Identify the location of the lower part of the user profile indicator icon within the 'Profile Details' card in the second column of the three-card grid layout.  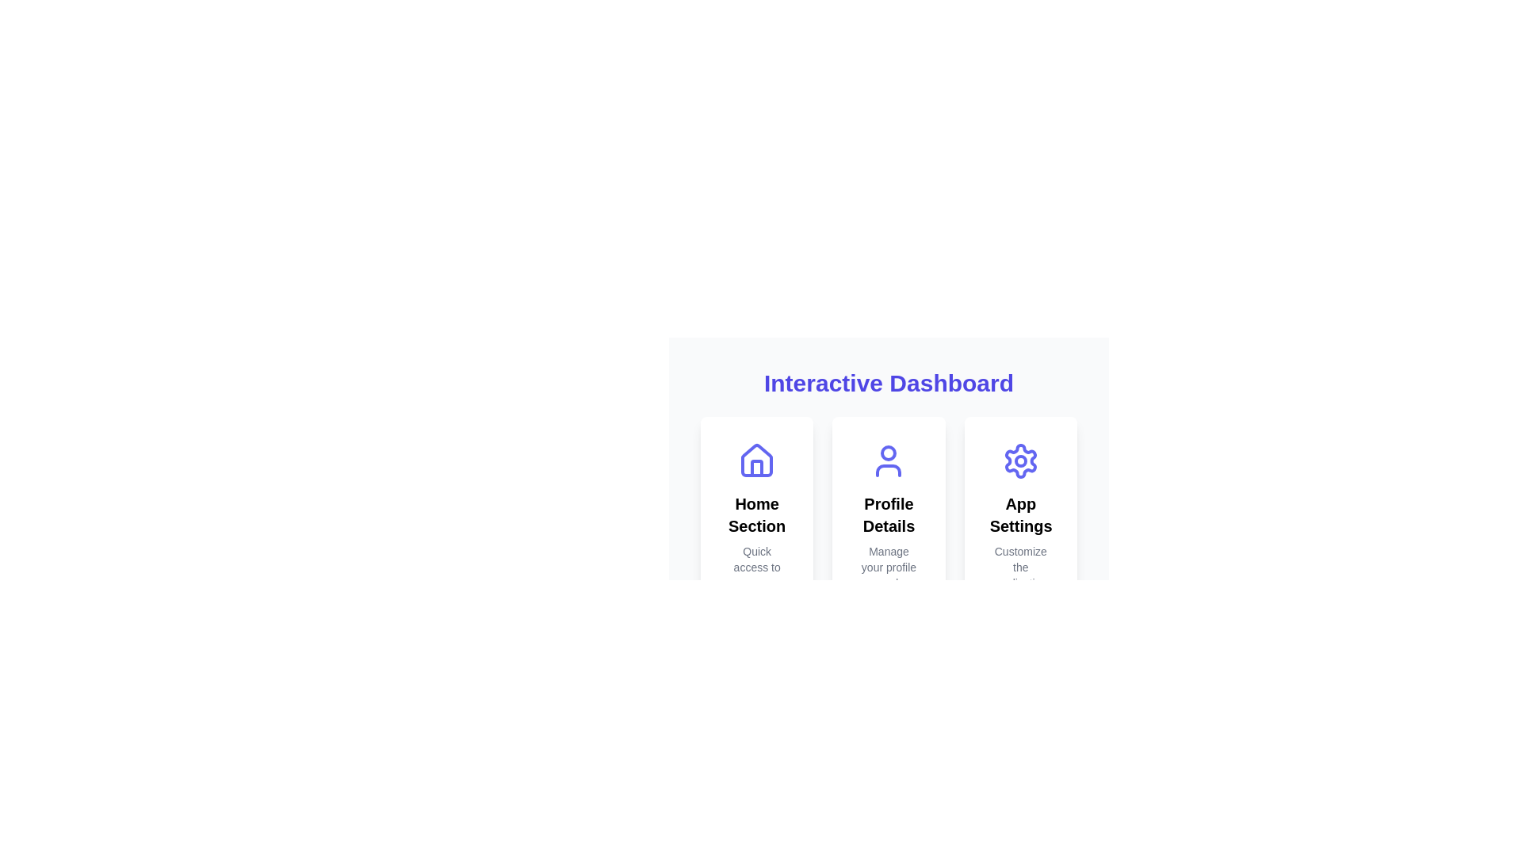
(889, 470).